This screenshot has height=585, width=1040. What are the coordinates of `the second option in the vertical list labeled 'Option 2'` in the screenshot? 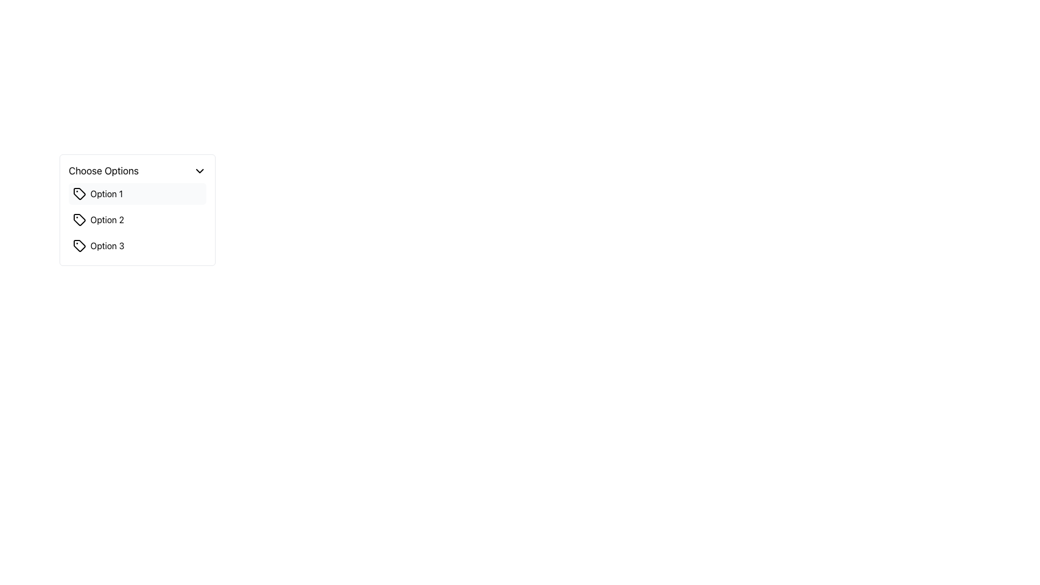 It's located at (137, 219).